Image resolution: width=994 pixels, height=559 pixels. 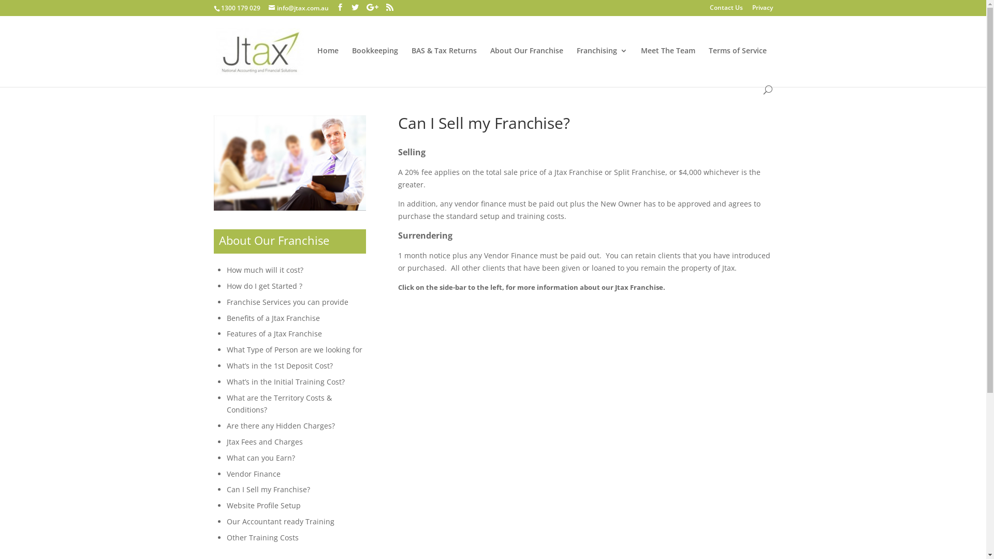 I want to click on 'Benefits of a Jtax Franchise', so click(x=226, y=317).